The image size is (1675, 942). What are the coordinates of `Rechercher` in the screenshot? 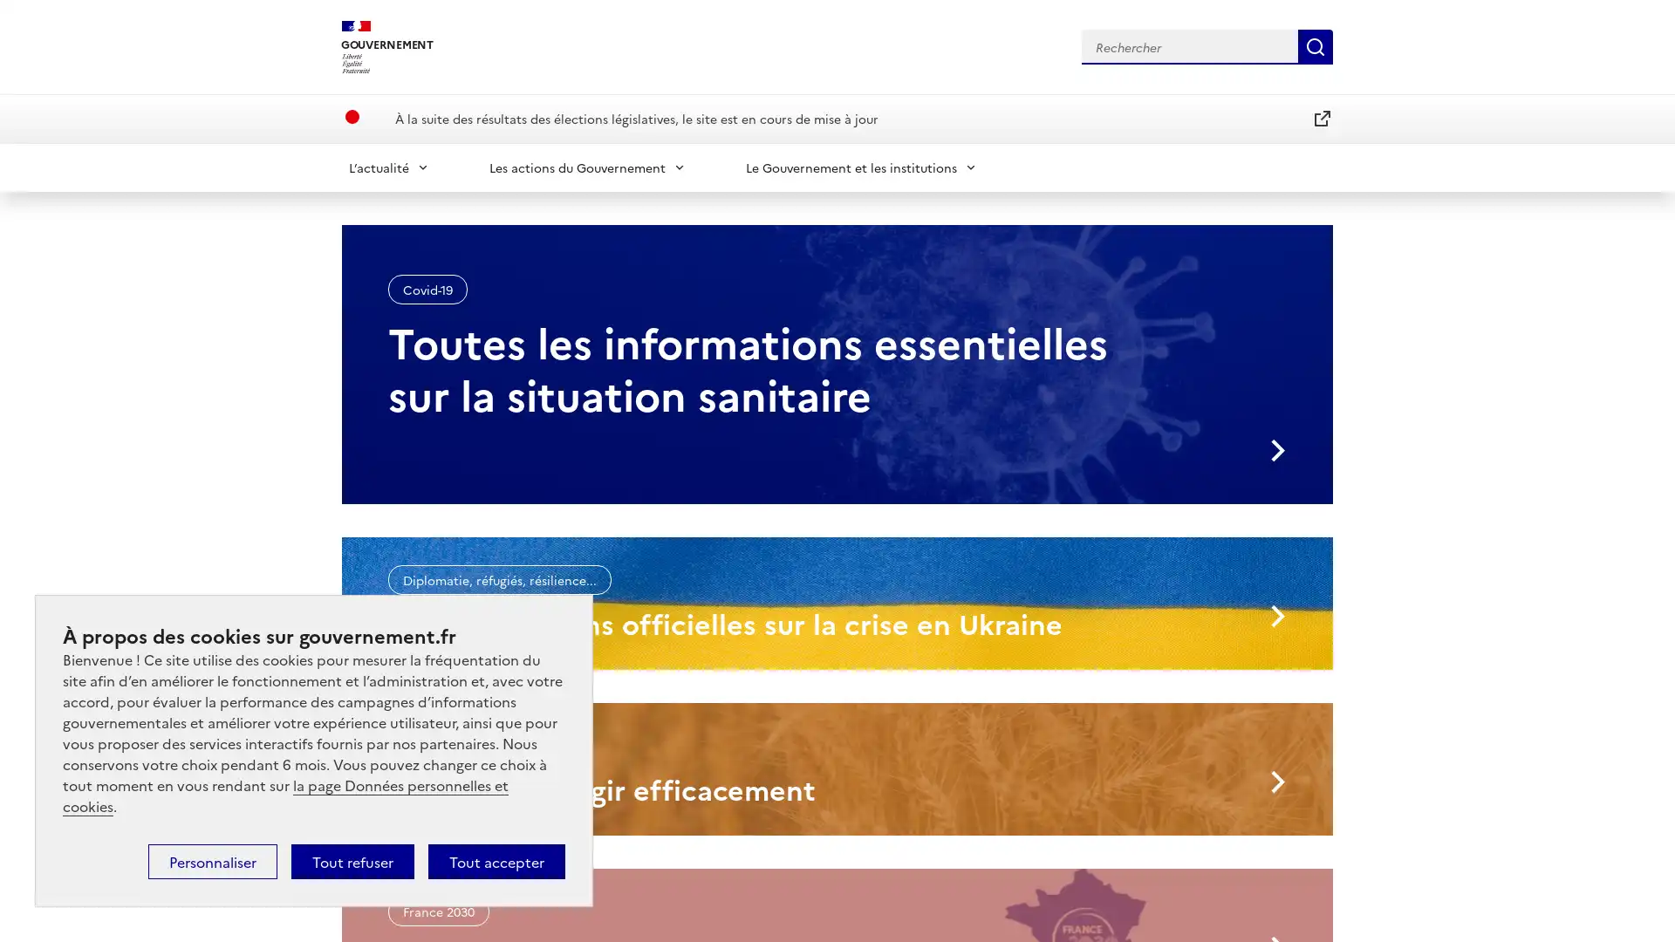 It's located at (1315, 45).